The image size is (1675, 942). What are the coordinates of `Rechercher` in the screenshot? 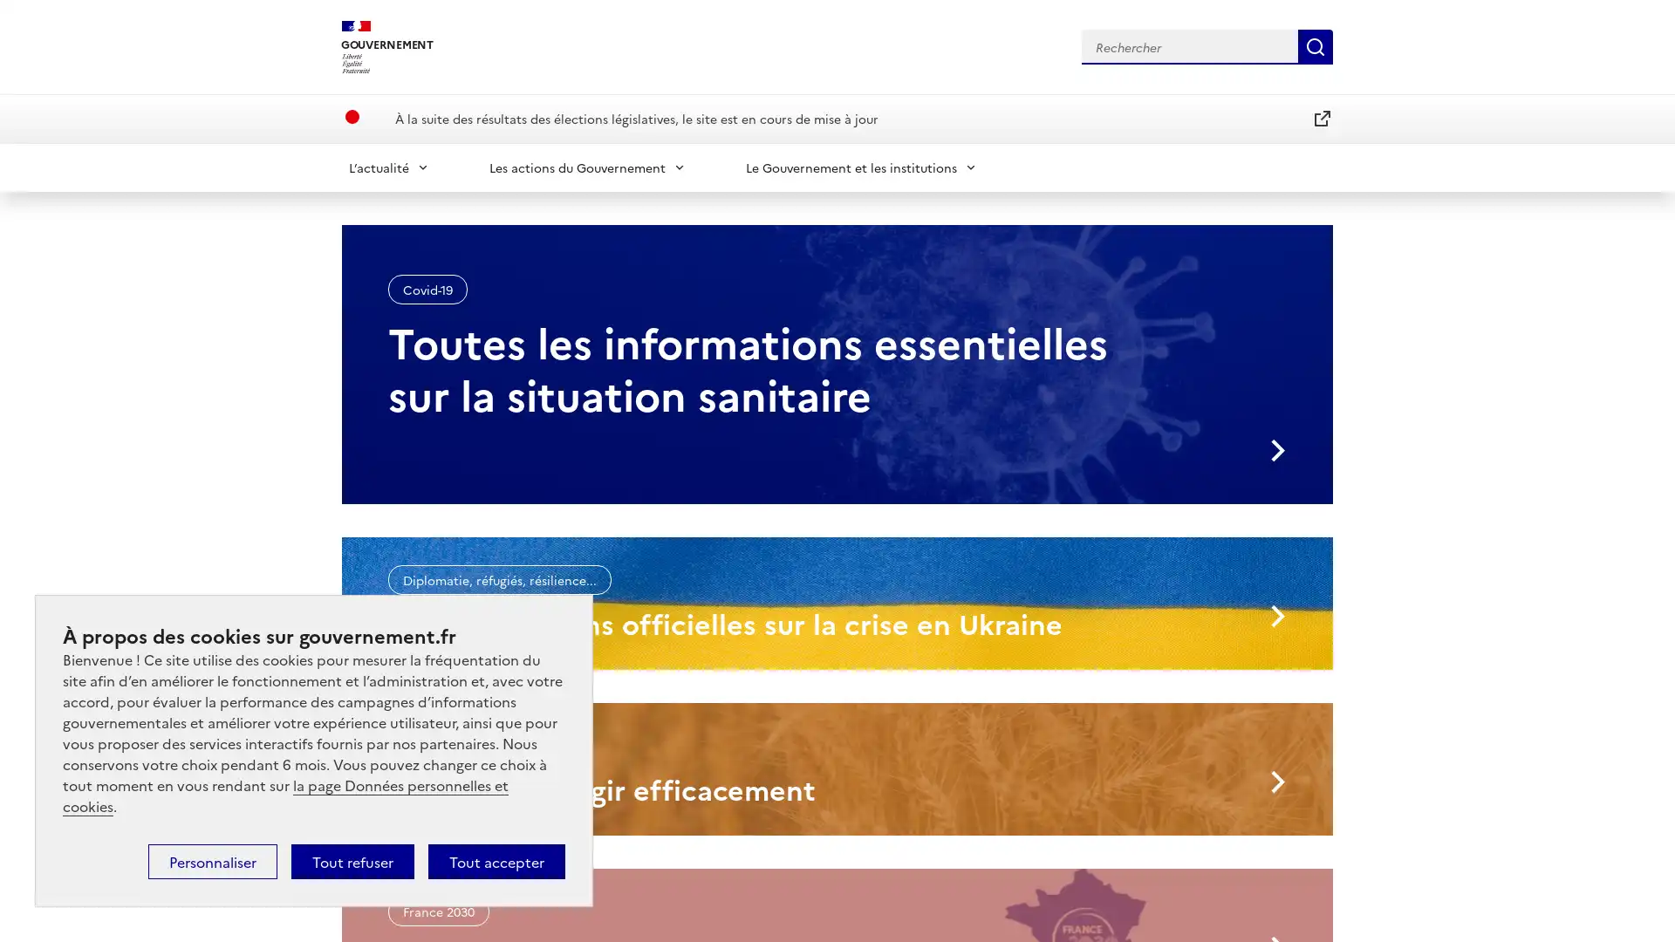 It's located at (1315, 45).